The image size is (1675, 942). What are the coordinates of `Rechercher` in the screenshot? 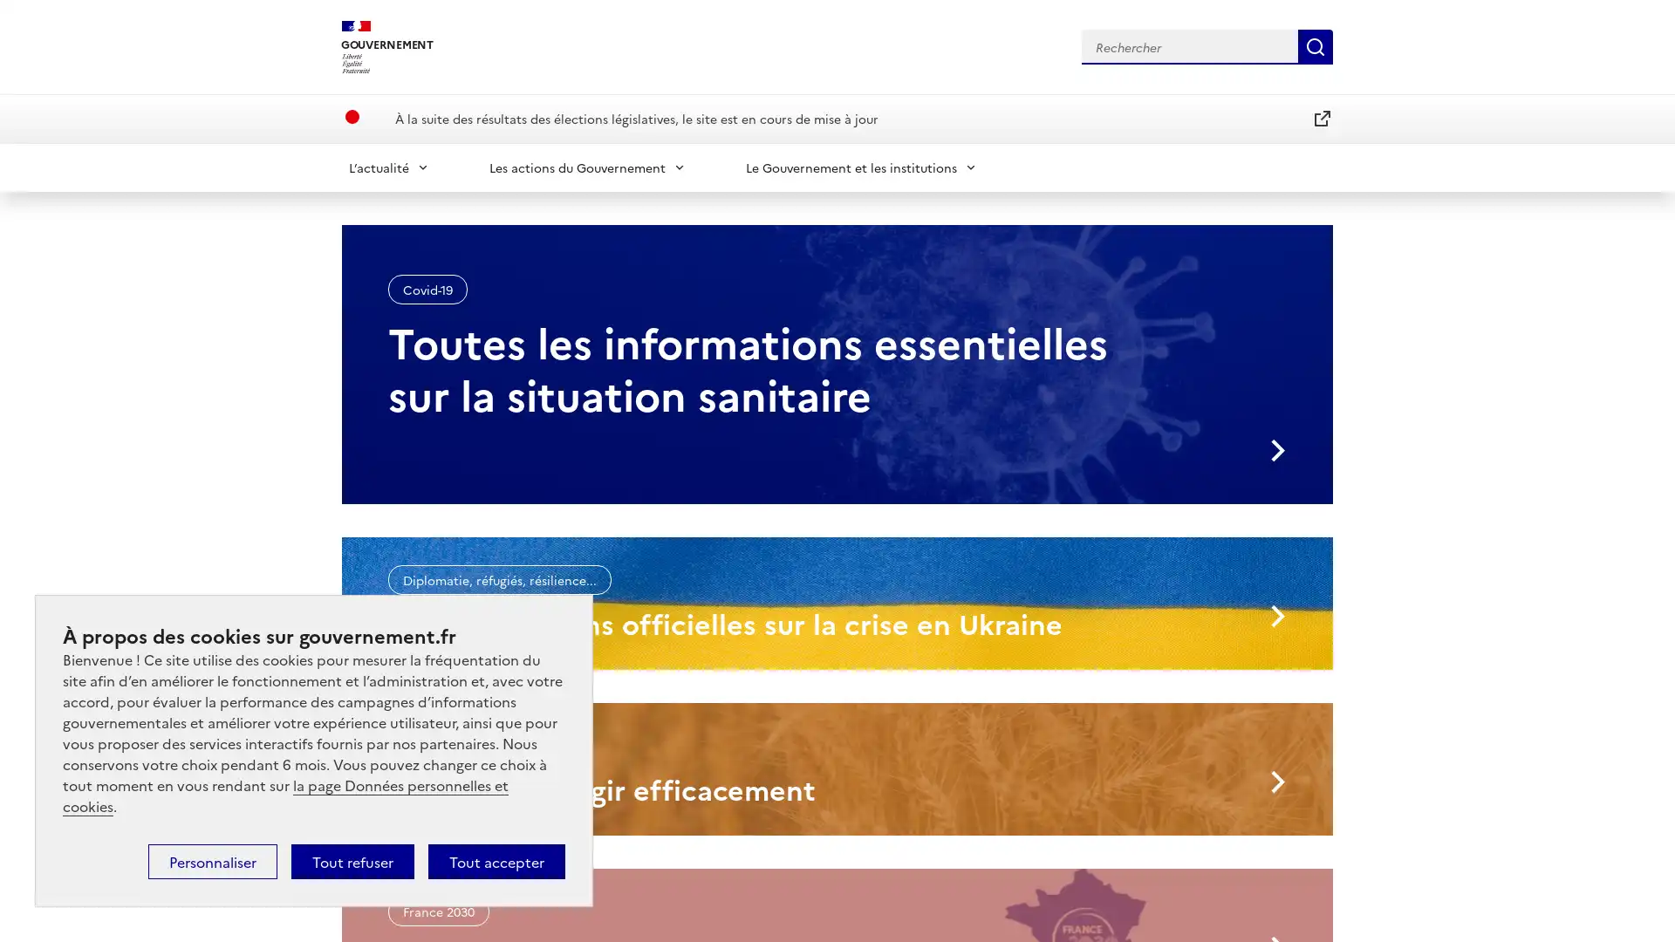 It's located at (1315, 45).